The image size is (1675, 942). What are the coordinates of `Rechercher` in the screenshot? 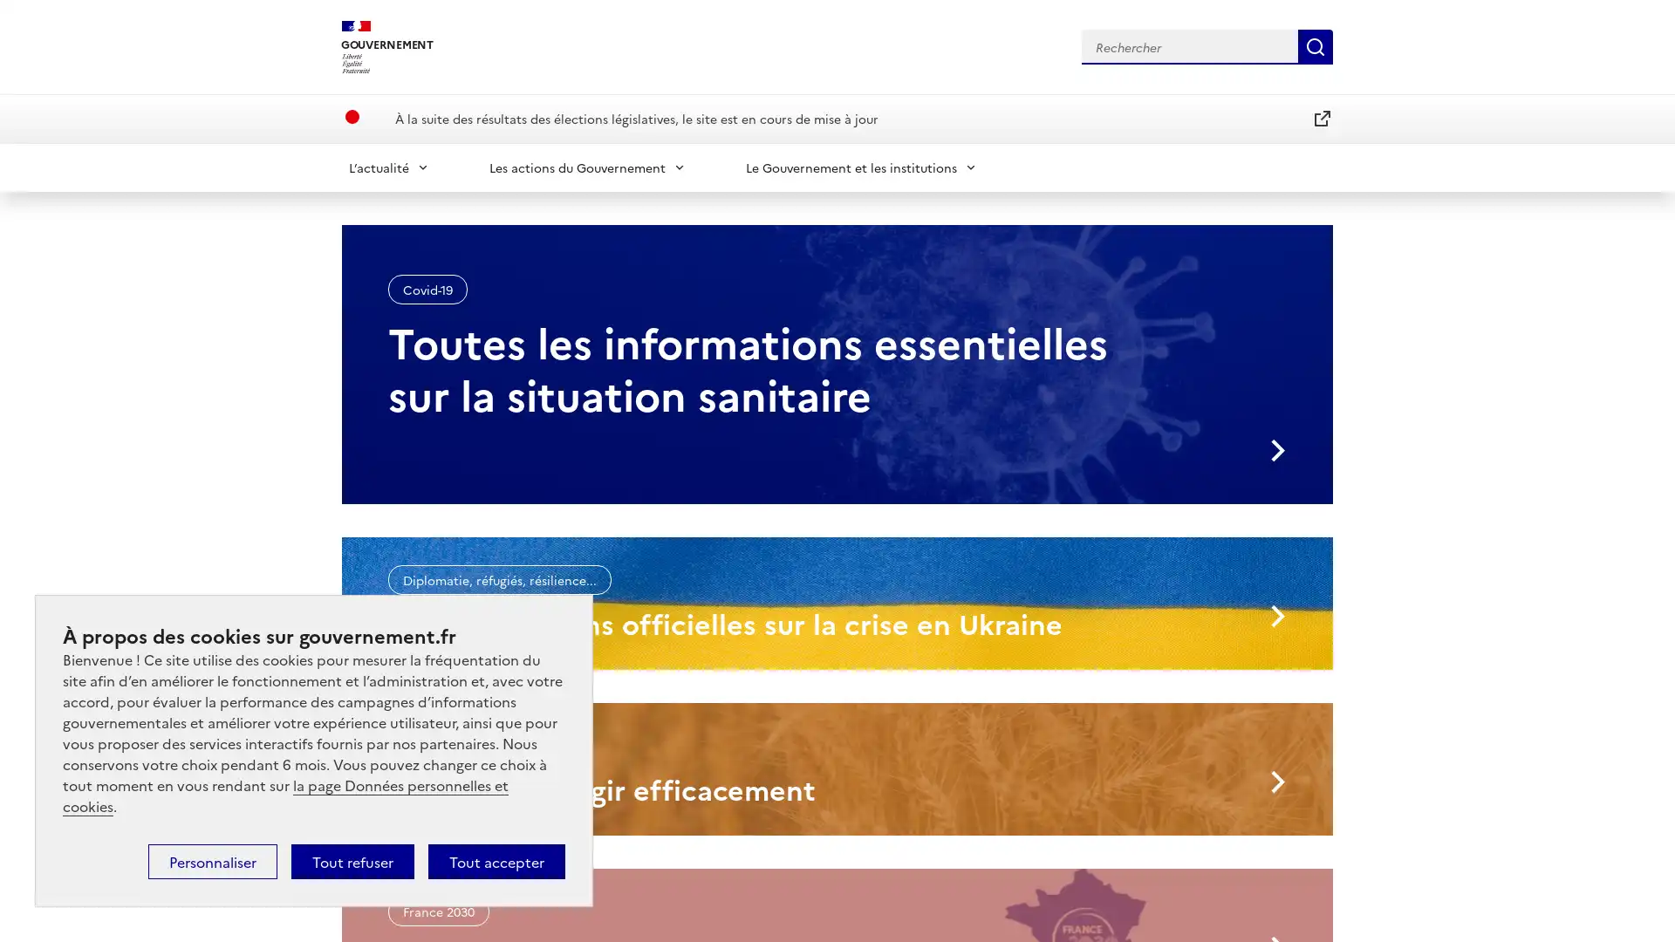 It's located at (1315, 45).